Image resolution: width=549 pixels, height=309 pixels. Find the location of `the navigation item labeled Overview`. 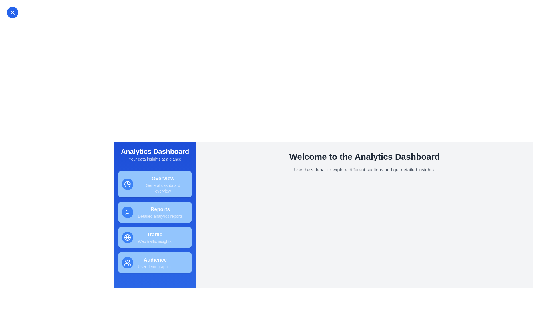

the navigation item labeled Overview is located at coordinates (155, 184).